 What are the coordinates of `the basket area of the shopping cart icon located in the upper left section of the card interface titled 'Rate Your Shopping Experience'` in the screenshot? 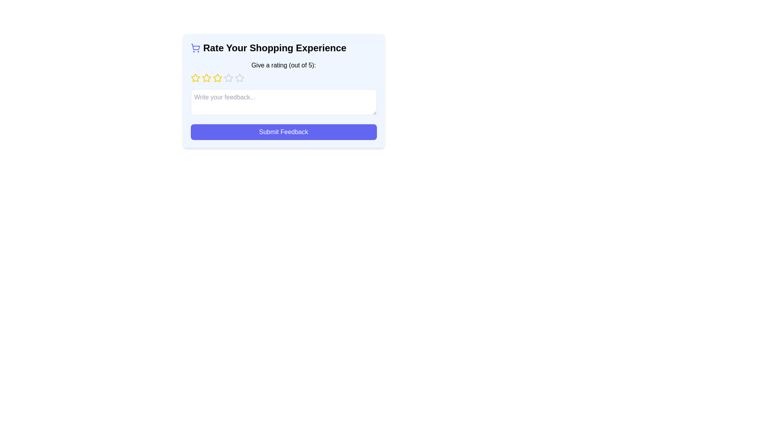 It's located at (195, 47).